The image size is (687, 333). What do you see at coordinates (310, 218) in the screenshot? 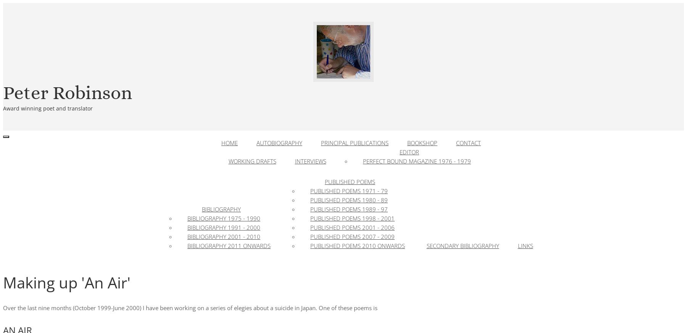
I see `'Published Poems 1998 - 2001'` at bounding box center [310, 218].